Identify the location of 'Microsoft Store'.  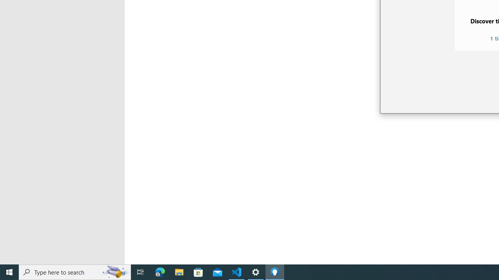
(198, 271).